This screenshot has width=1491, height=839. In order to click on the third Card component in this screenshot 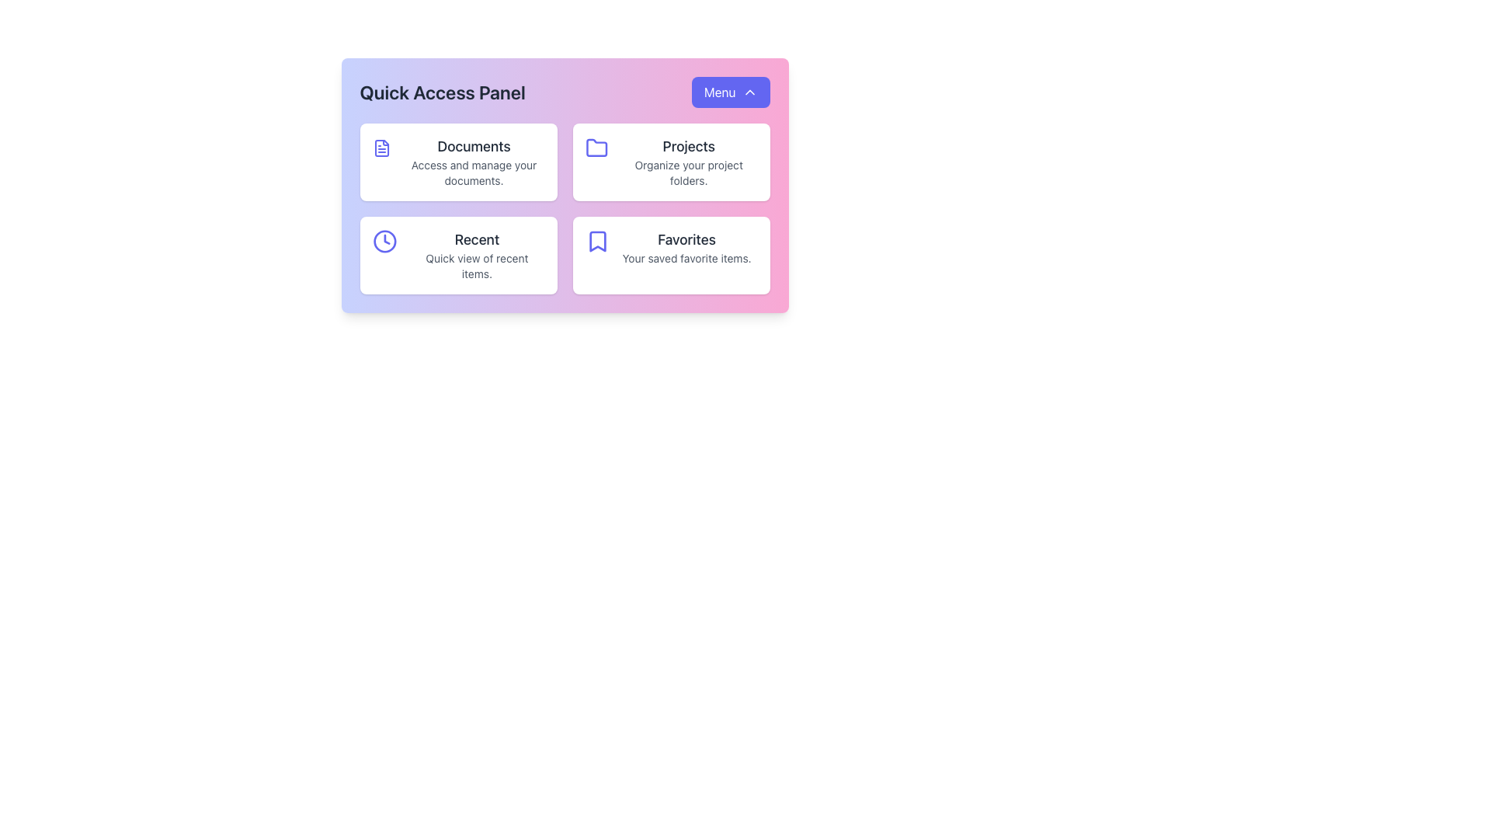, I will do `click(457, 254)`.